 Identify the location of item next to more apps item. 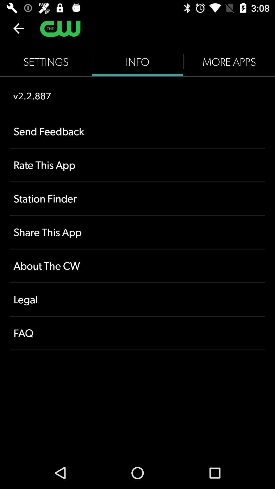
(137, 62).